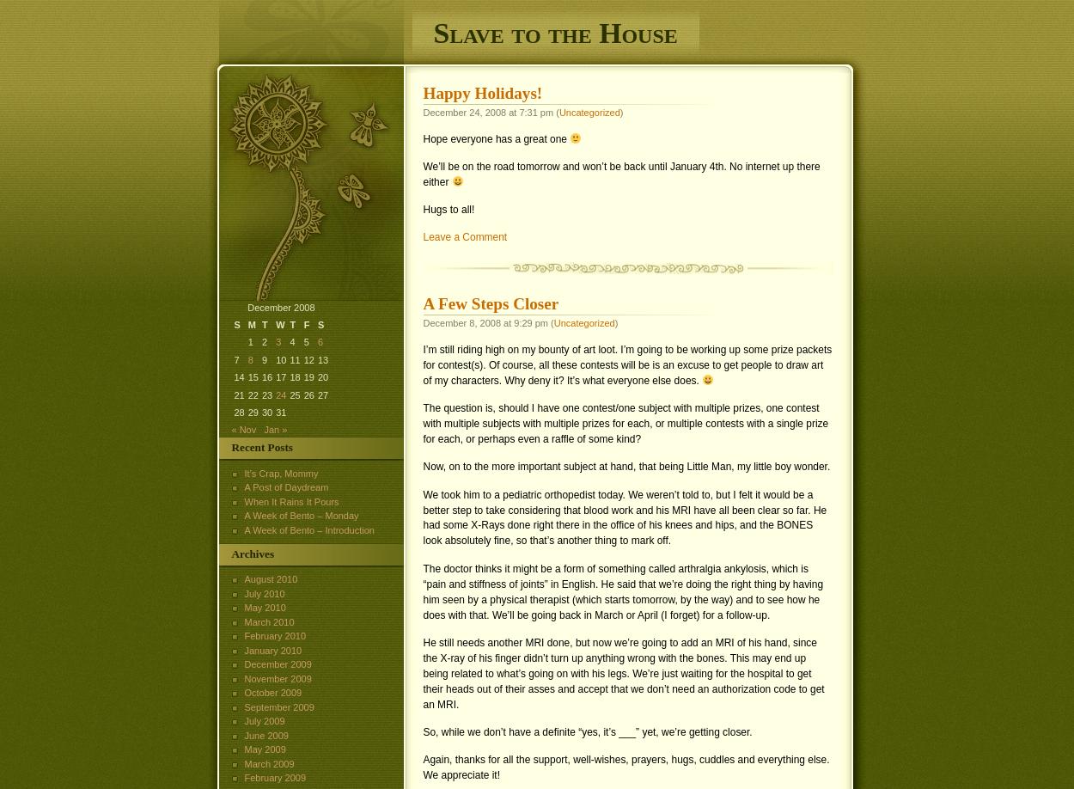 This screenshot has width=1074, height=789. I want to click on '8', so click(250, 358).